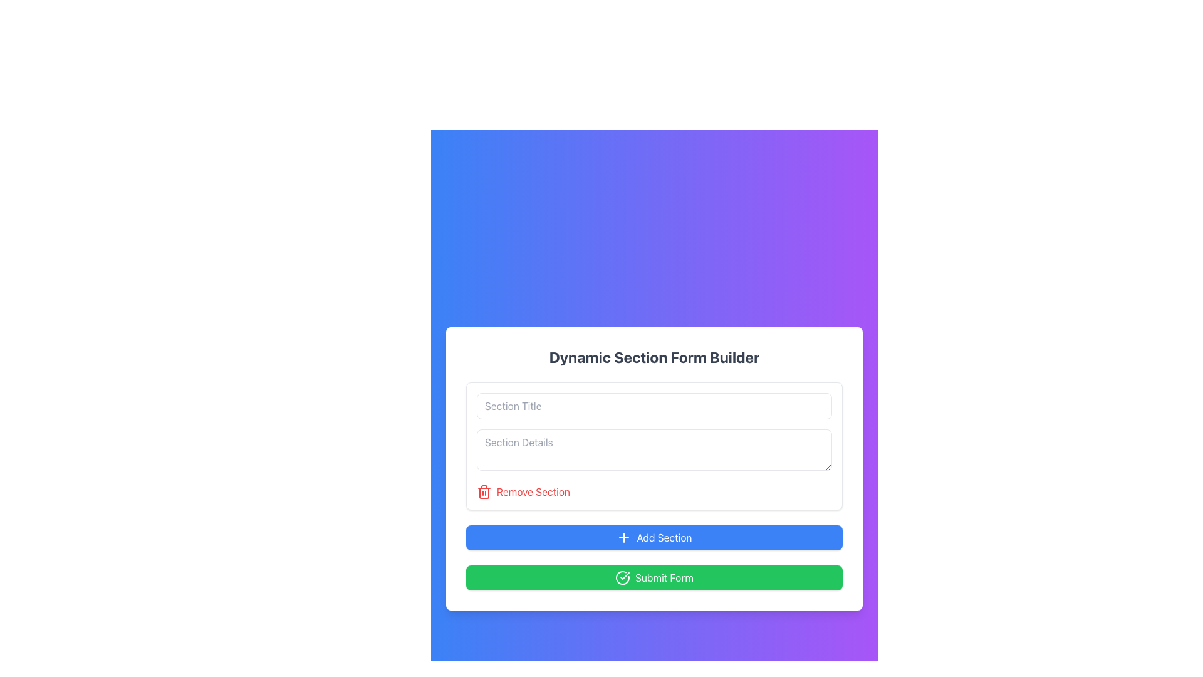 Image resolution: width=1203 pixels, height=677 pixels. Describe the element at coordinates (622, 577) in the screenshot. I see `the 'Submit Form' button which contains the SVG Icon representing confirmation or success, located next to the text label 'Submit Form'` at that location.